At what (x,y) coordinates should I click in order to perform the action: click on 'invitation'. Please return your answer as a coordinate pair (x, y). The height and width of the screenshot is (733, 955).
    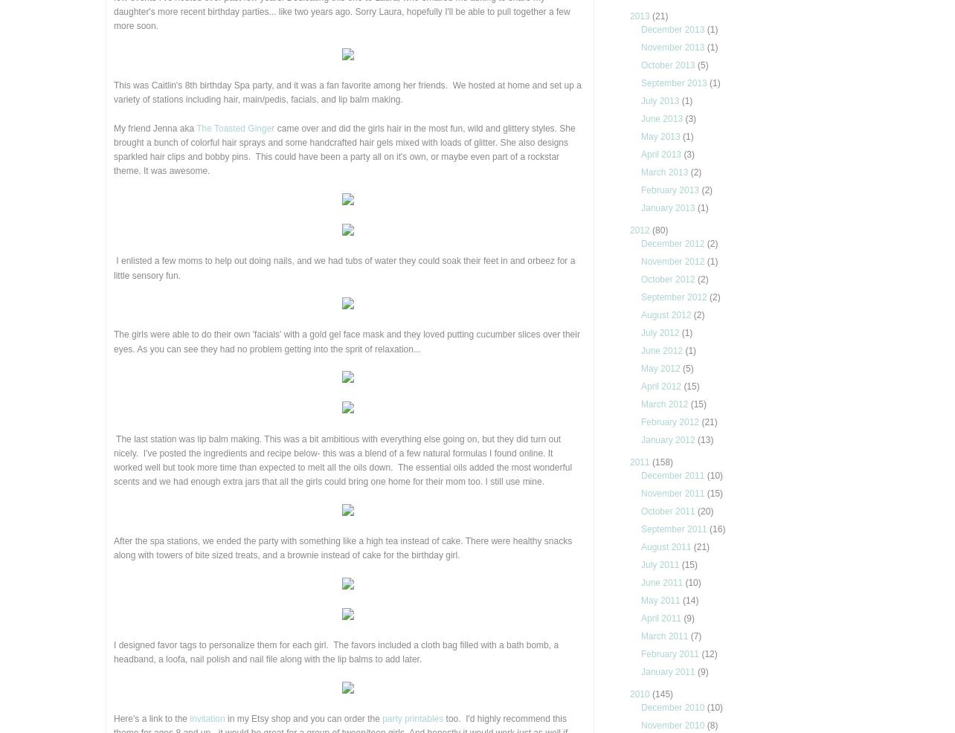
    Looking at the image, I should click on (206, 718).